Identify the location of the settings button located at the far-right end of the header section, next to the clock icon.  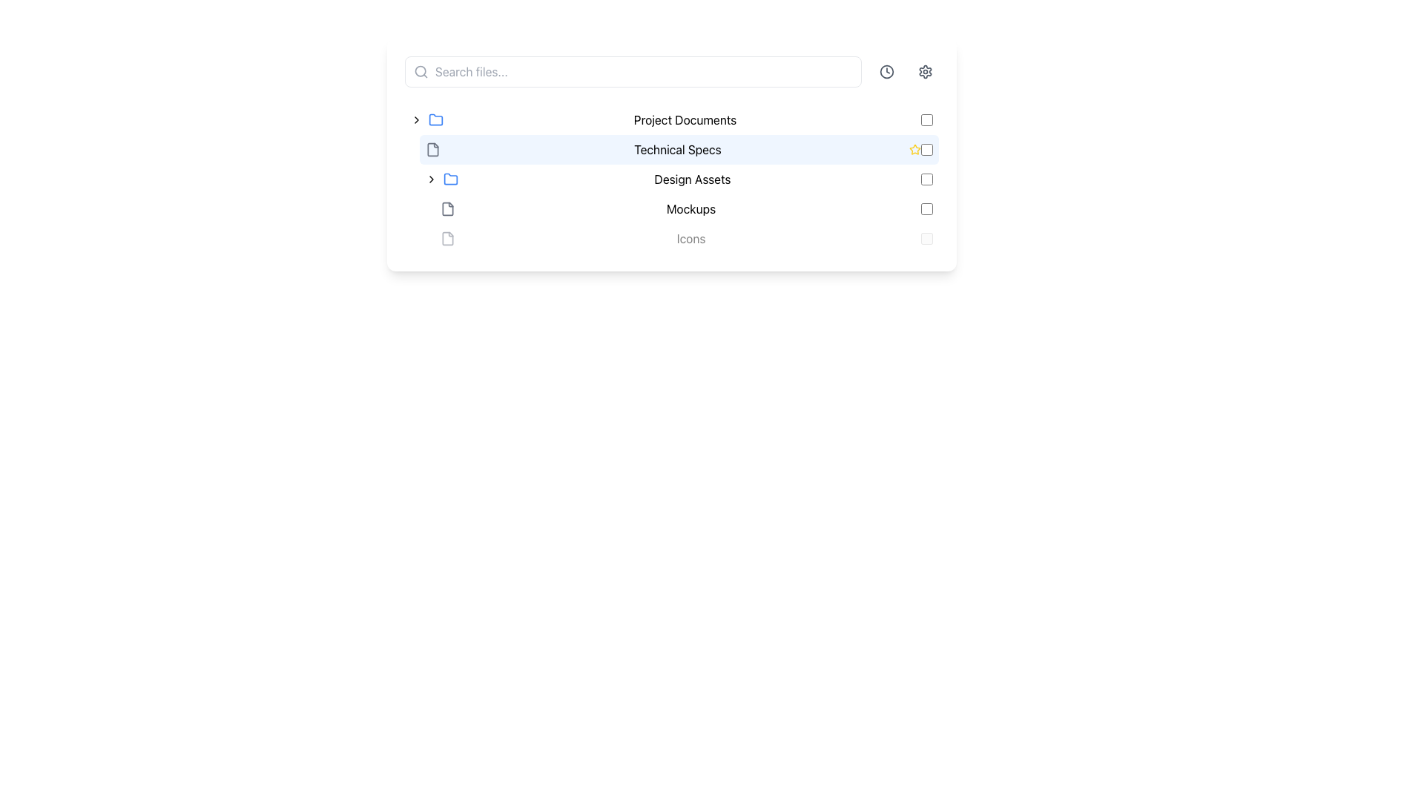
(925, 71).